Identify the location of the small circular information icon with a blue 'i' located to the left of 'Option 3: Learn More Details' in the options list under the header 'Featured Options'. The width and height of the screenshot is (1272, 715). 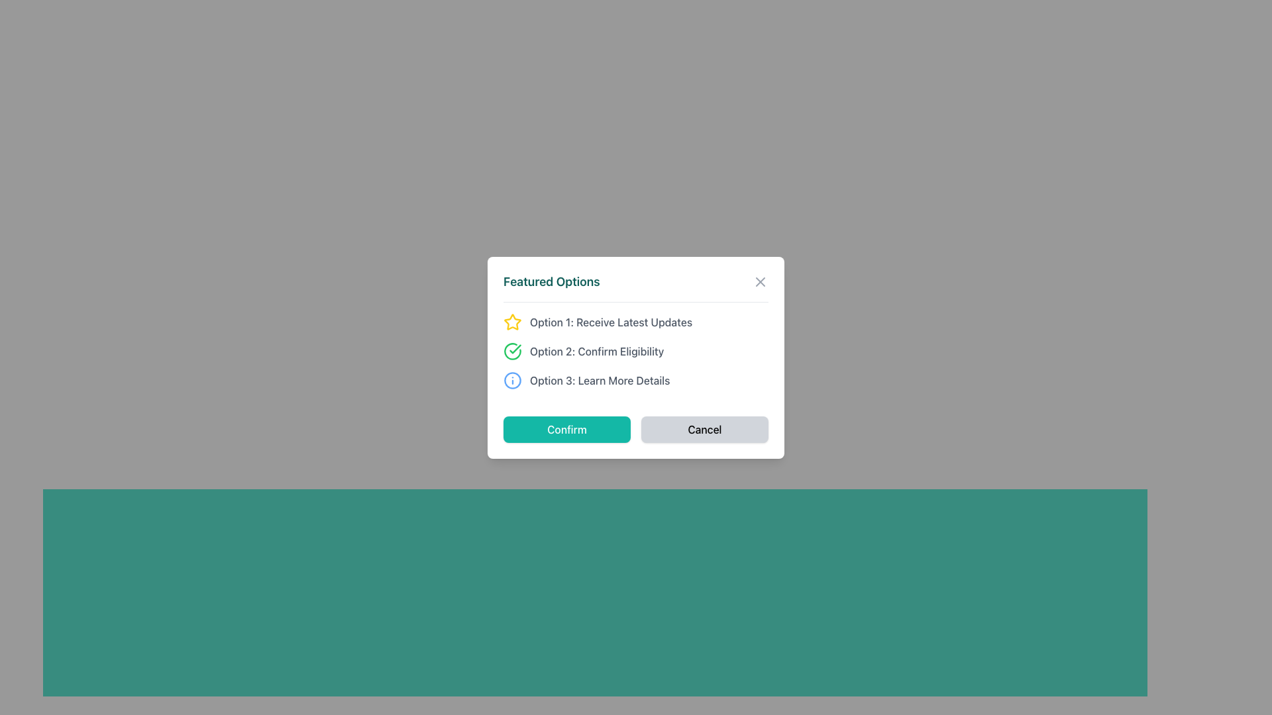
(511, 380).